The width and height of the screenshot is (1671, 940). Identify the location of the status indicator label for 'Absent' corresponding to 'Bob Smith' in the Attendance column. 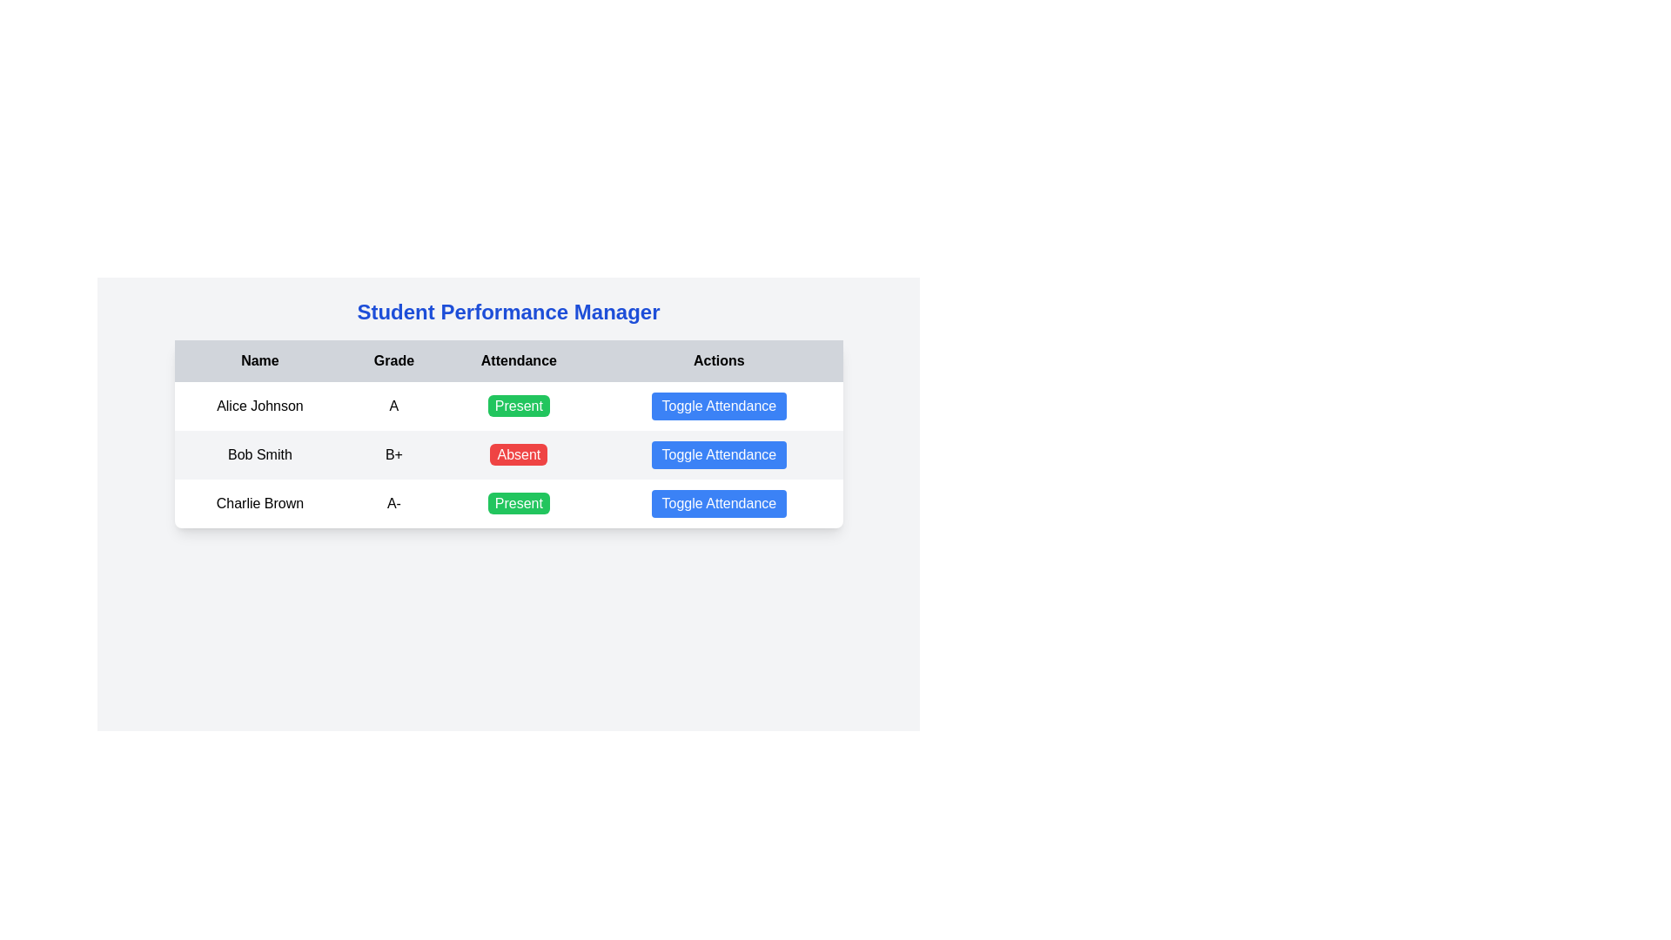
(518, 453).